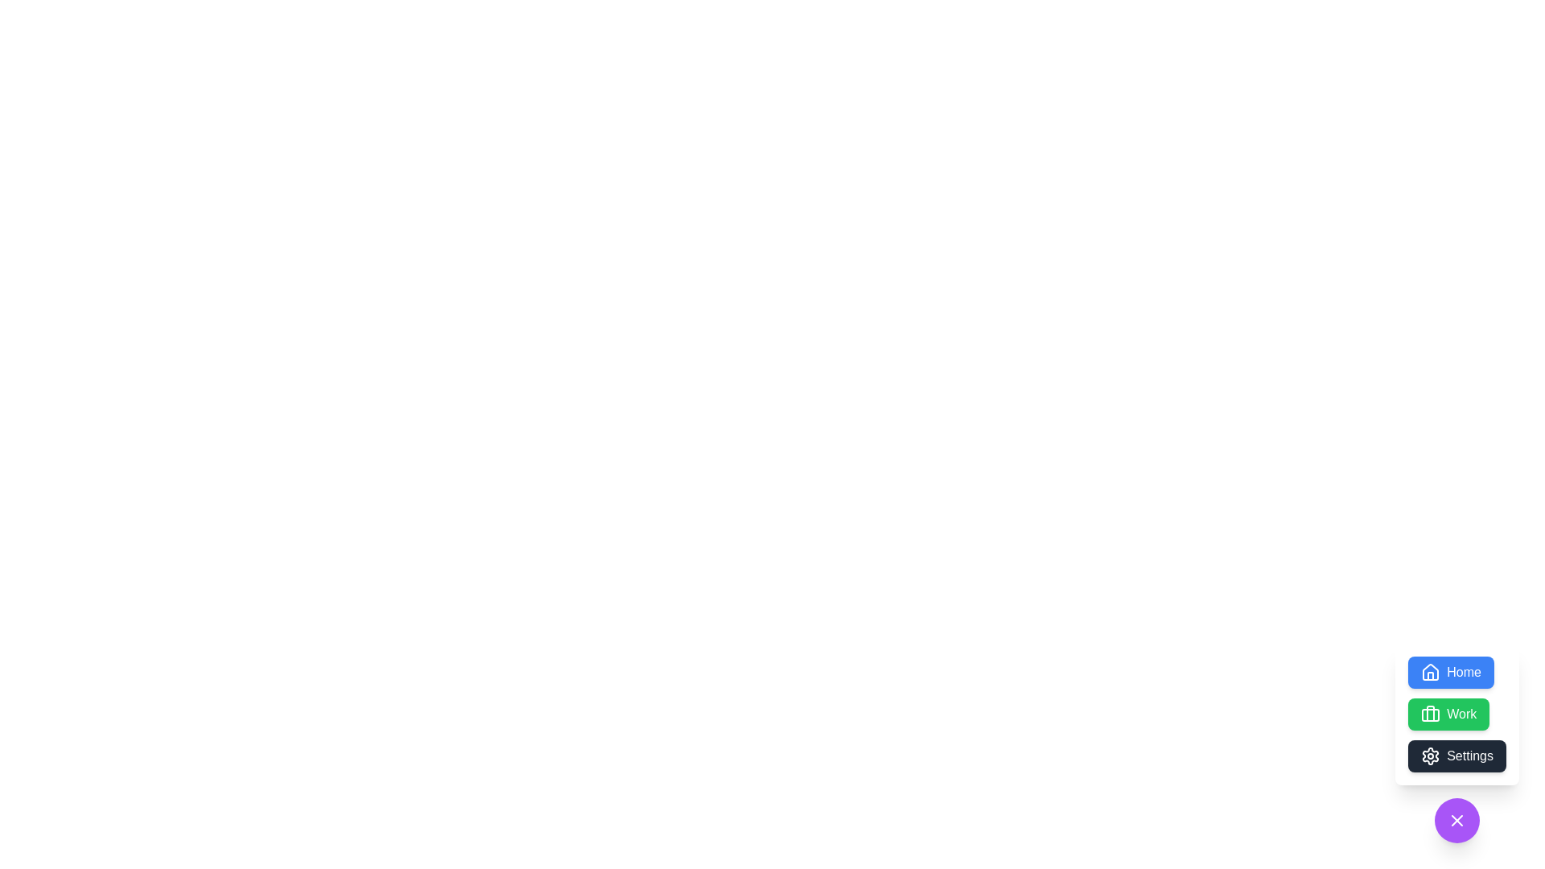  What do you see at coordinates (1448, 713) in the screenshot?
I see `the second button in a vertical stack, which is intended for navigating to the 'Work' section` at bounding box center [1448, 713].